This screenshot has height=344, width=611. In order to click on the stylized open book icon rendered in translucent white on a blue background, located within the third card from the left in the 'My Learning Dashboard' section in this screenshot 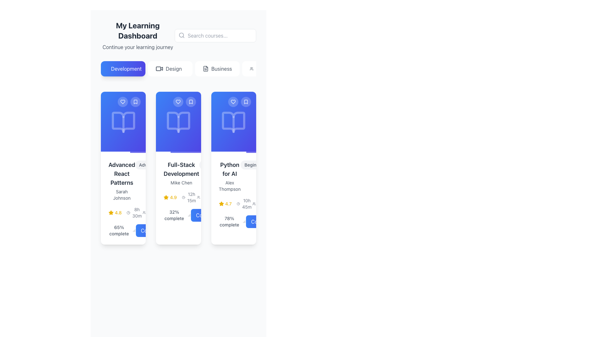, I will do `click(233, 122)`.